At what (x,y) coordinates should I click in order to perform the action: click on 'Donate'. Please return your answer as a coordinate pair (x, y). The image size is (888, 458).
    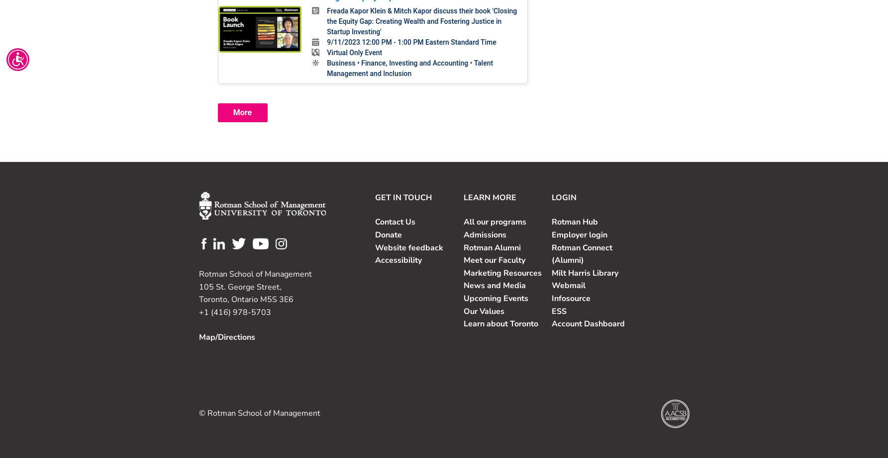
    Looking at the image, I should click on (388, 234).